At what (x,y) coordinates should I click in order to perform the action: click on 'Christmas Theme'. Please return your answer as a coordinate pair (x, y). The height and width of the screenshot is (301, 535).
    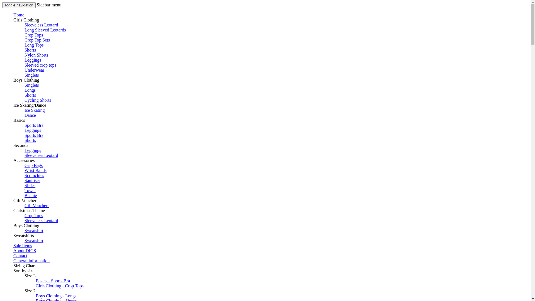
    Looking at the image, I should click on (29, 210).